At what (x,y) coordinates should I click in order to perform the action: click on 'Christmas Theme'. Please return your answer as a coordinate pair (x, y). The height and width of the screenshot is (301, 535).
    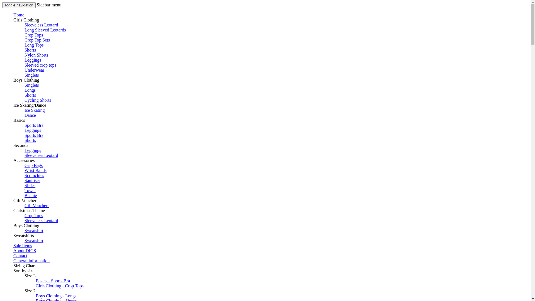
    Looking at the image, I should click on (29, 210).